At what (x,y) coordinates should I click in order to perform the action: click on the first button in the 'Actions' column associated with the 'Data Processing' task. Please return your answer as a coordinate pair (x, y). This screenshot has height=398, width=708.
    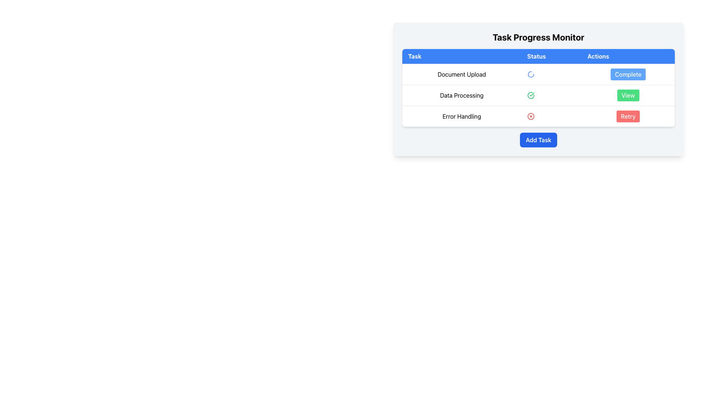
    Looking at the image, I should click on (628, 95).